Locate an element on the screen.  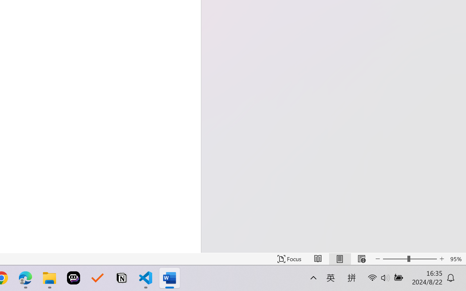
'Zoom 95%' is located at coordinates (456, 259).